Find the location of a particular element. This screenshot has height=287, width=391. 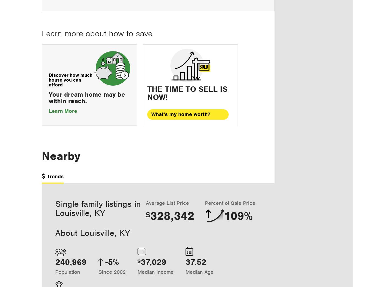

'Median Income' is located at coordinates (155, 272).